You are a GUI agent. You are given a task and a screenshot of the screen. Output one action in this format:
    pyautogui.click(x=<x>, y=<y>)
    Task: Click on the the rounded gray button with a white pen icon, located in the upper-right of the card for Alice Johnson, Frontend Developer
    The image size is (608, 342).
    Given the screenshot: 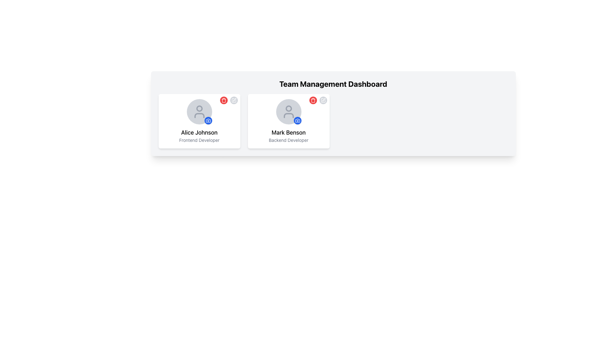 What is the action you would take?
    pyautogui.click(x=233, y=100)
    